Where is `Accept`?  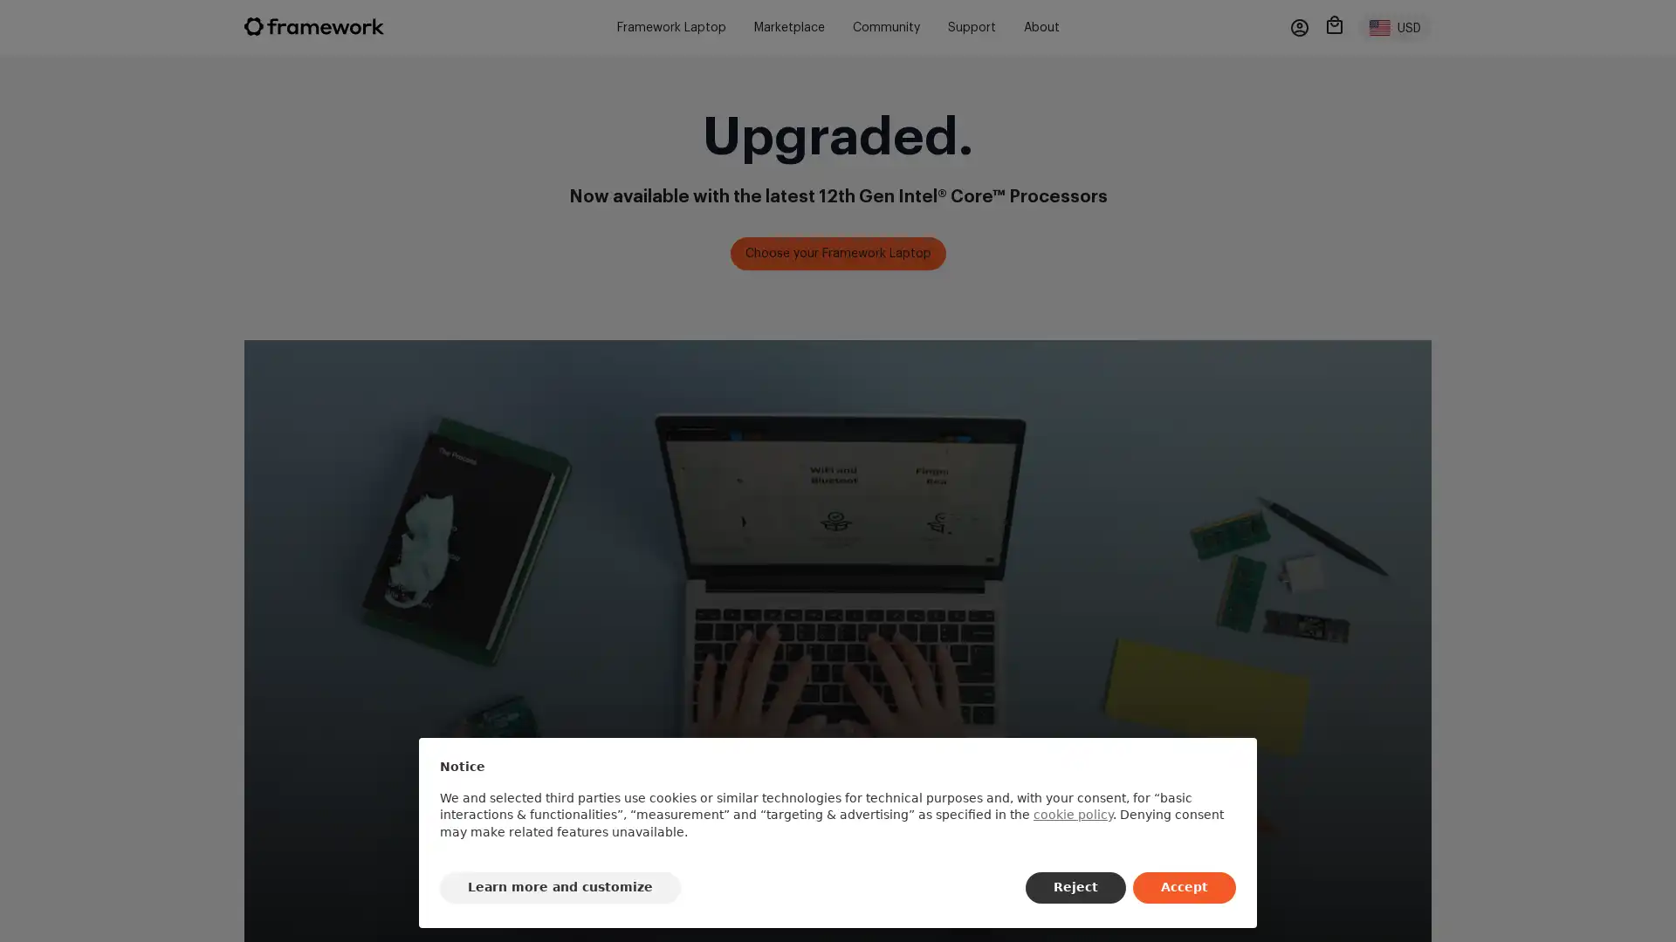 Accept is located at coordinates (1185, 888).